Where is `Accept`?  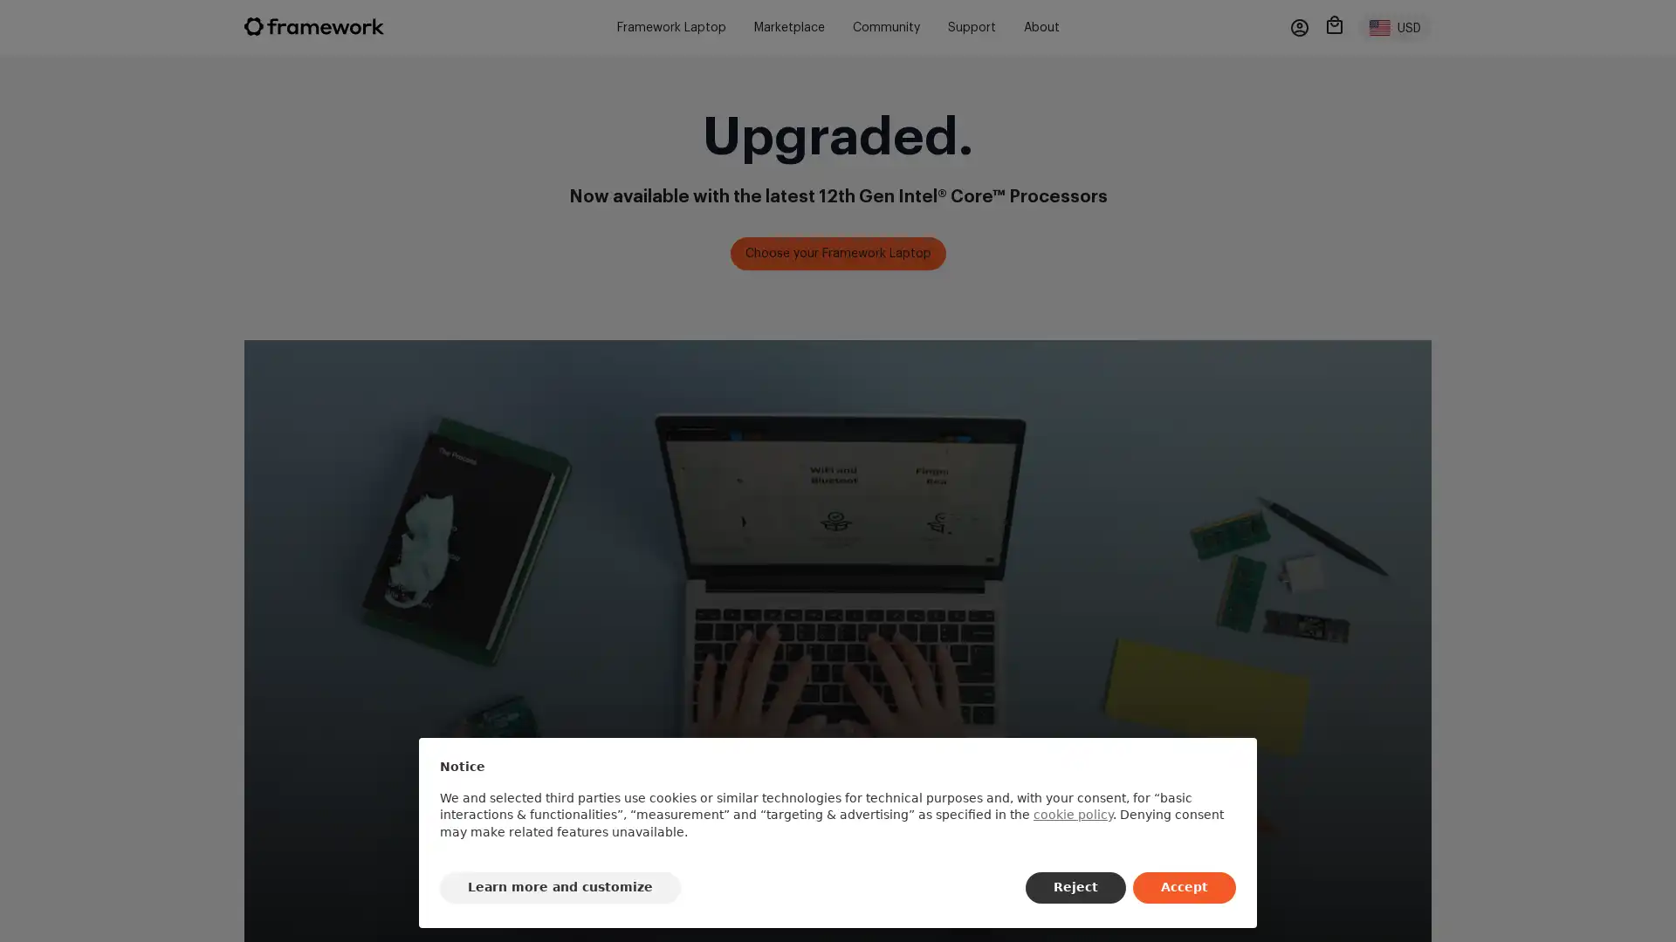 Accept is located at coordinates (1185, 888).